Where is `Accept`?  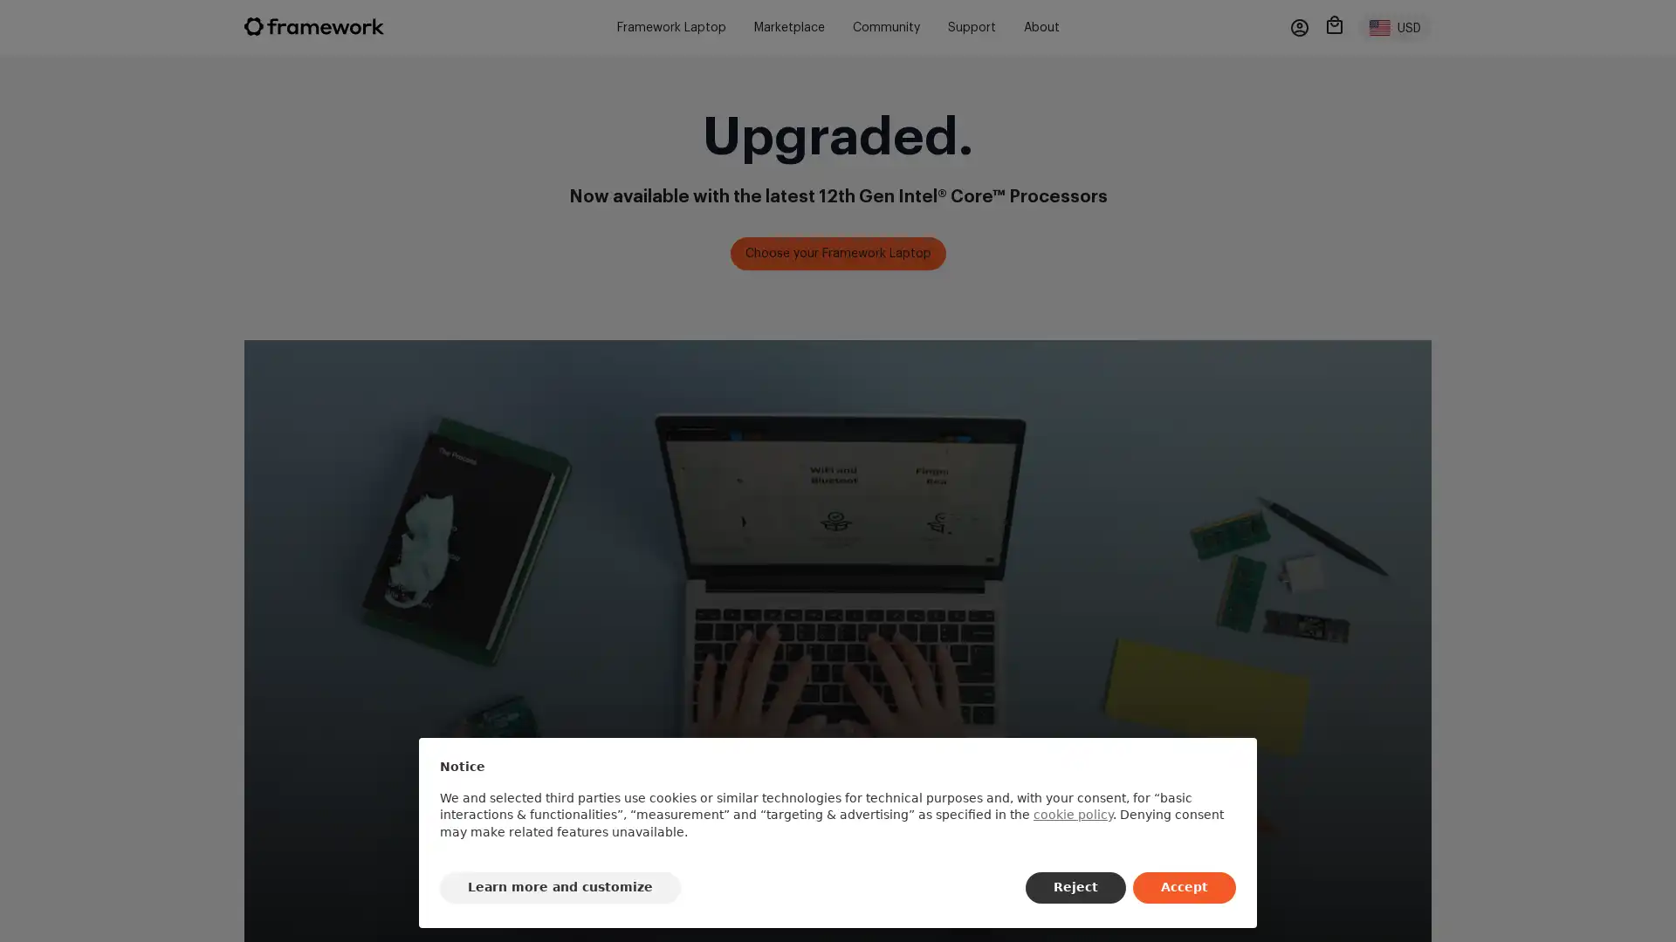 Accept is located at coordinates (1185, 888).